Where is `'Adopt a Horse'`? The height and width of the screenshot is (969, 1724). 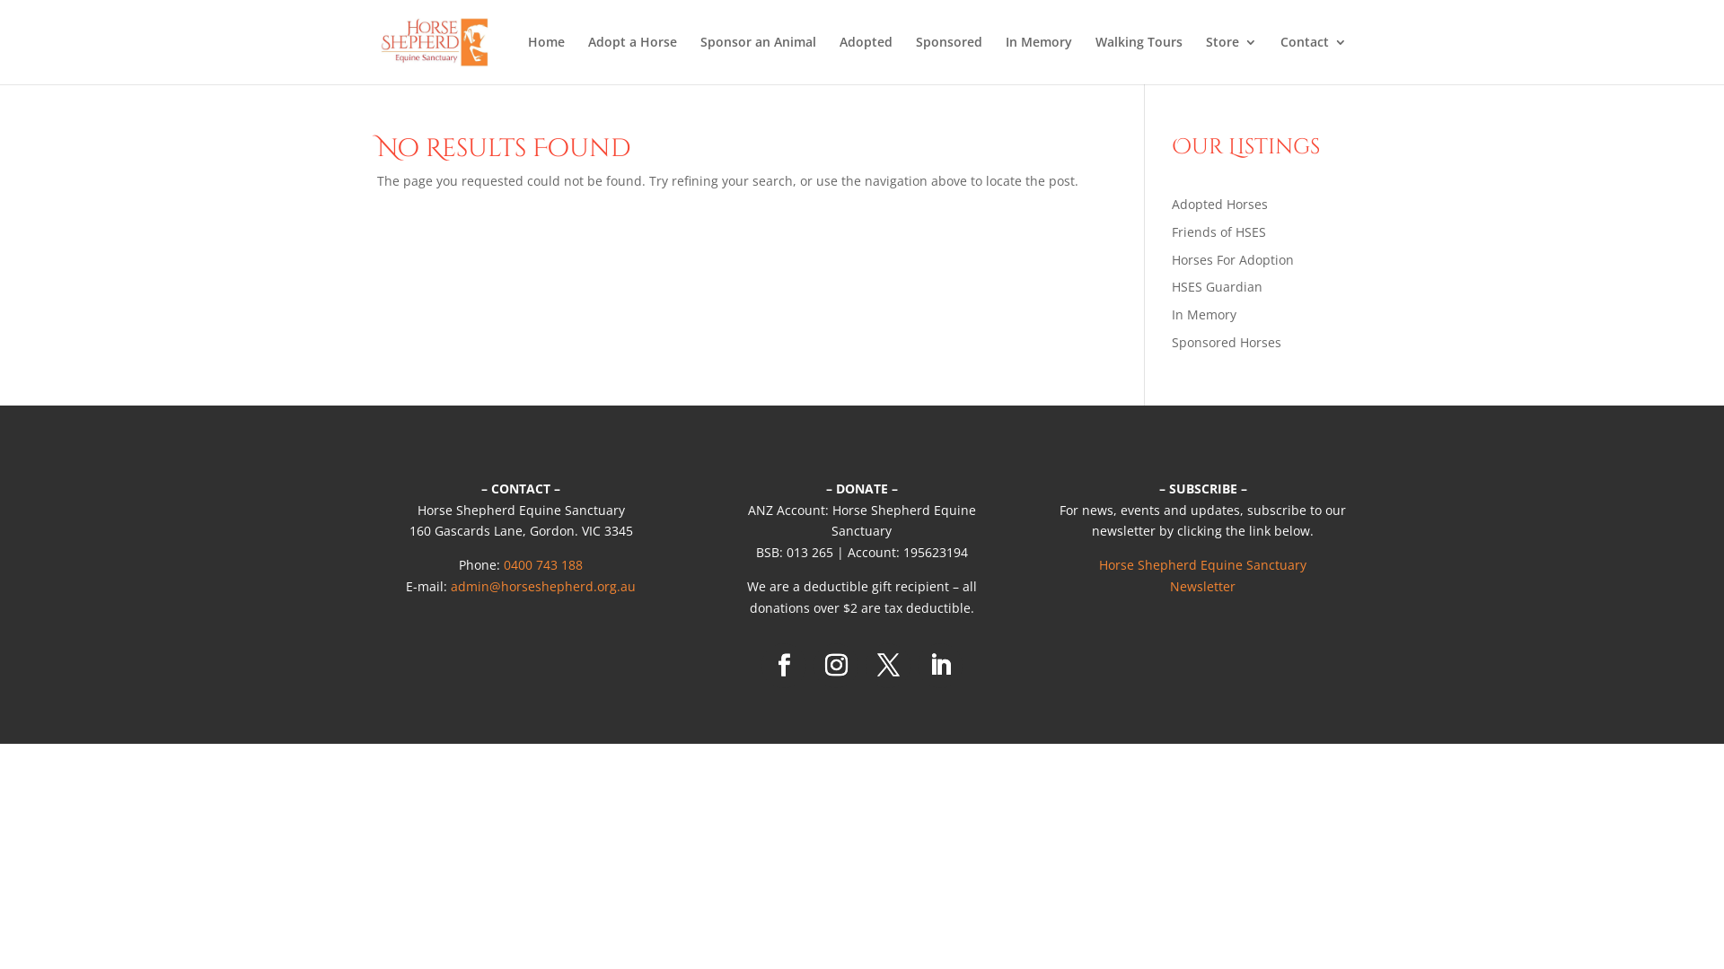 'Adopt a Horse' is located at coordinates (632, 58).